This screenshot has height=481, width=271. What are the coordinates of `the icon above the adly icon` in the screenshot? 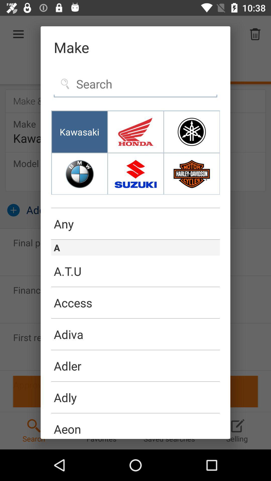 It's located at (135, 381).